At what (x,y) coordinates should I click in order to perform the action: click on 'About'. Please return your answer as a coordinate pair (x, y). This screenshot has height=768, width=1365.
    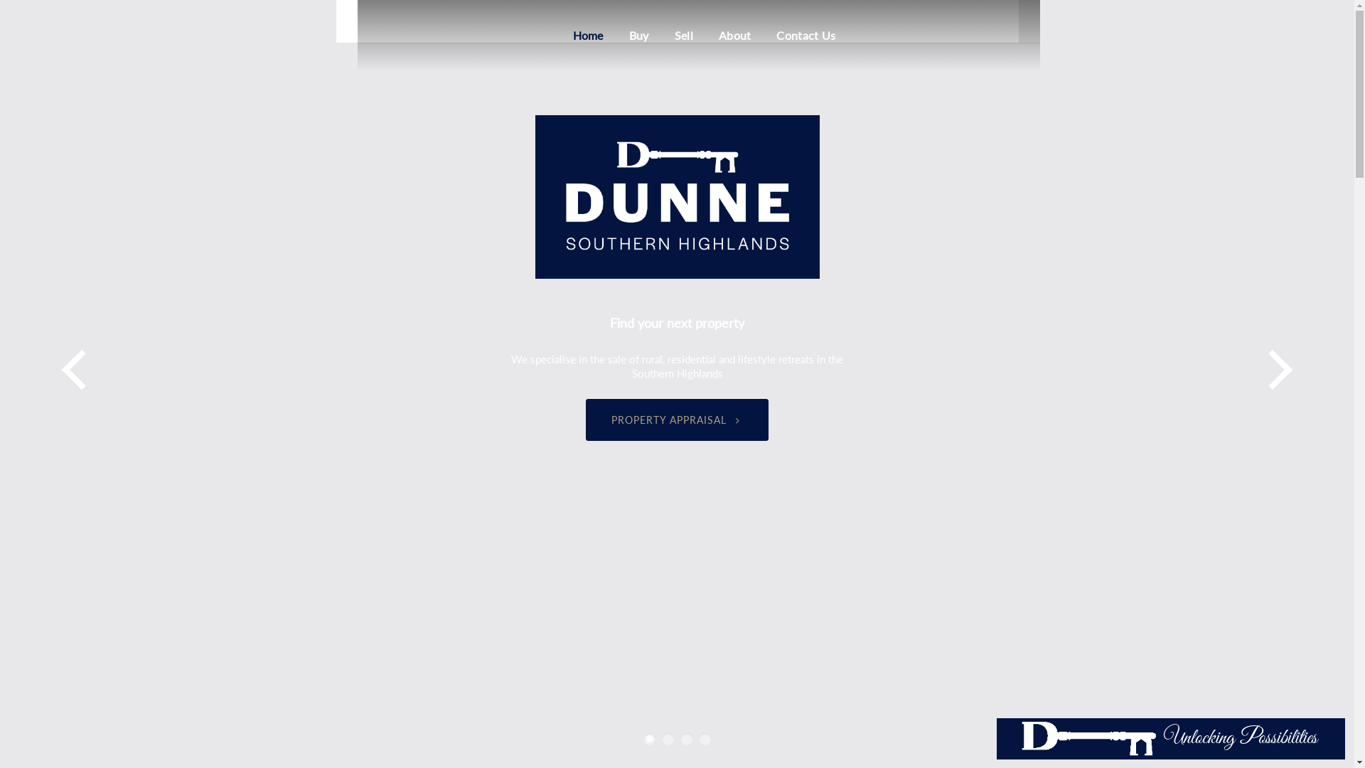
    Looking at the image, I should click on (734, 35).